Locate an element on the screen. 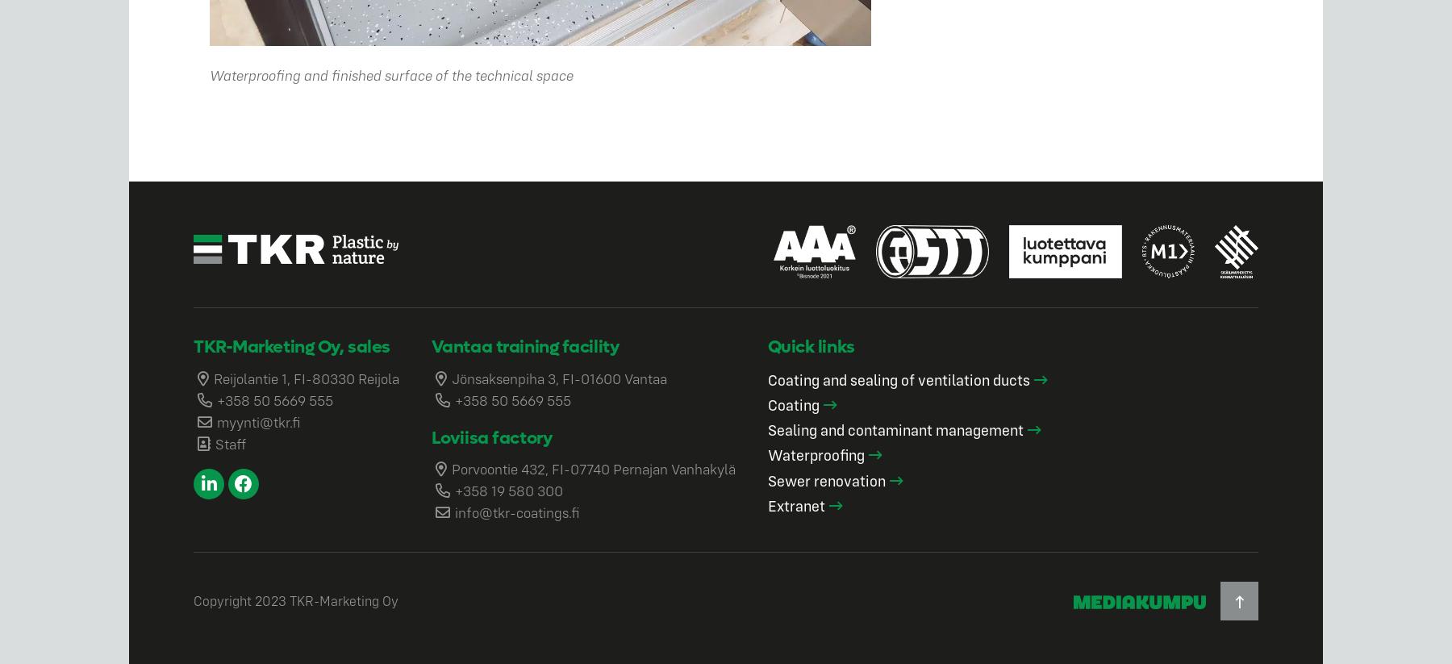  'Vantaa training facility' is located at coordinates (525, 346).